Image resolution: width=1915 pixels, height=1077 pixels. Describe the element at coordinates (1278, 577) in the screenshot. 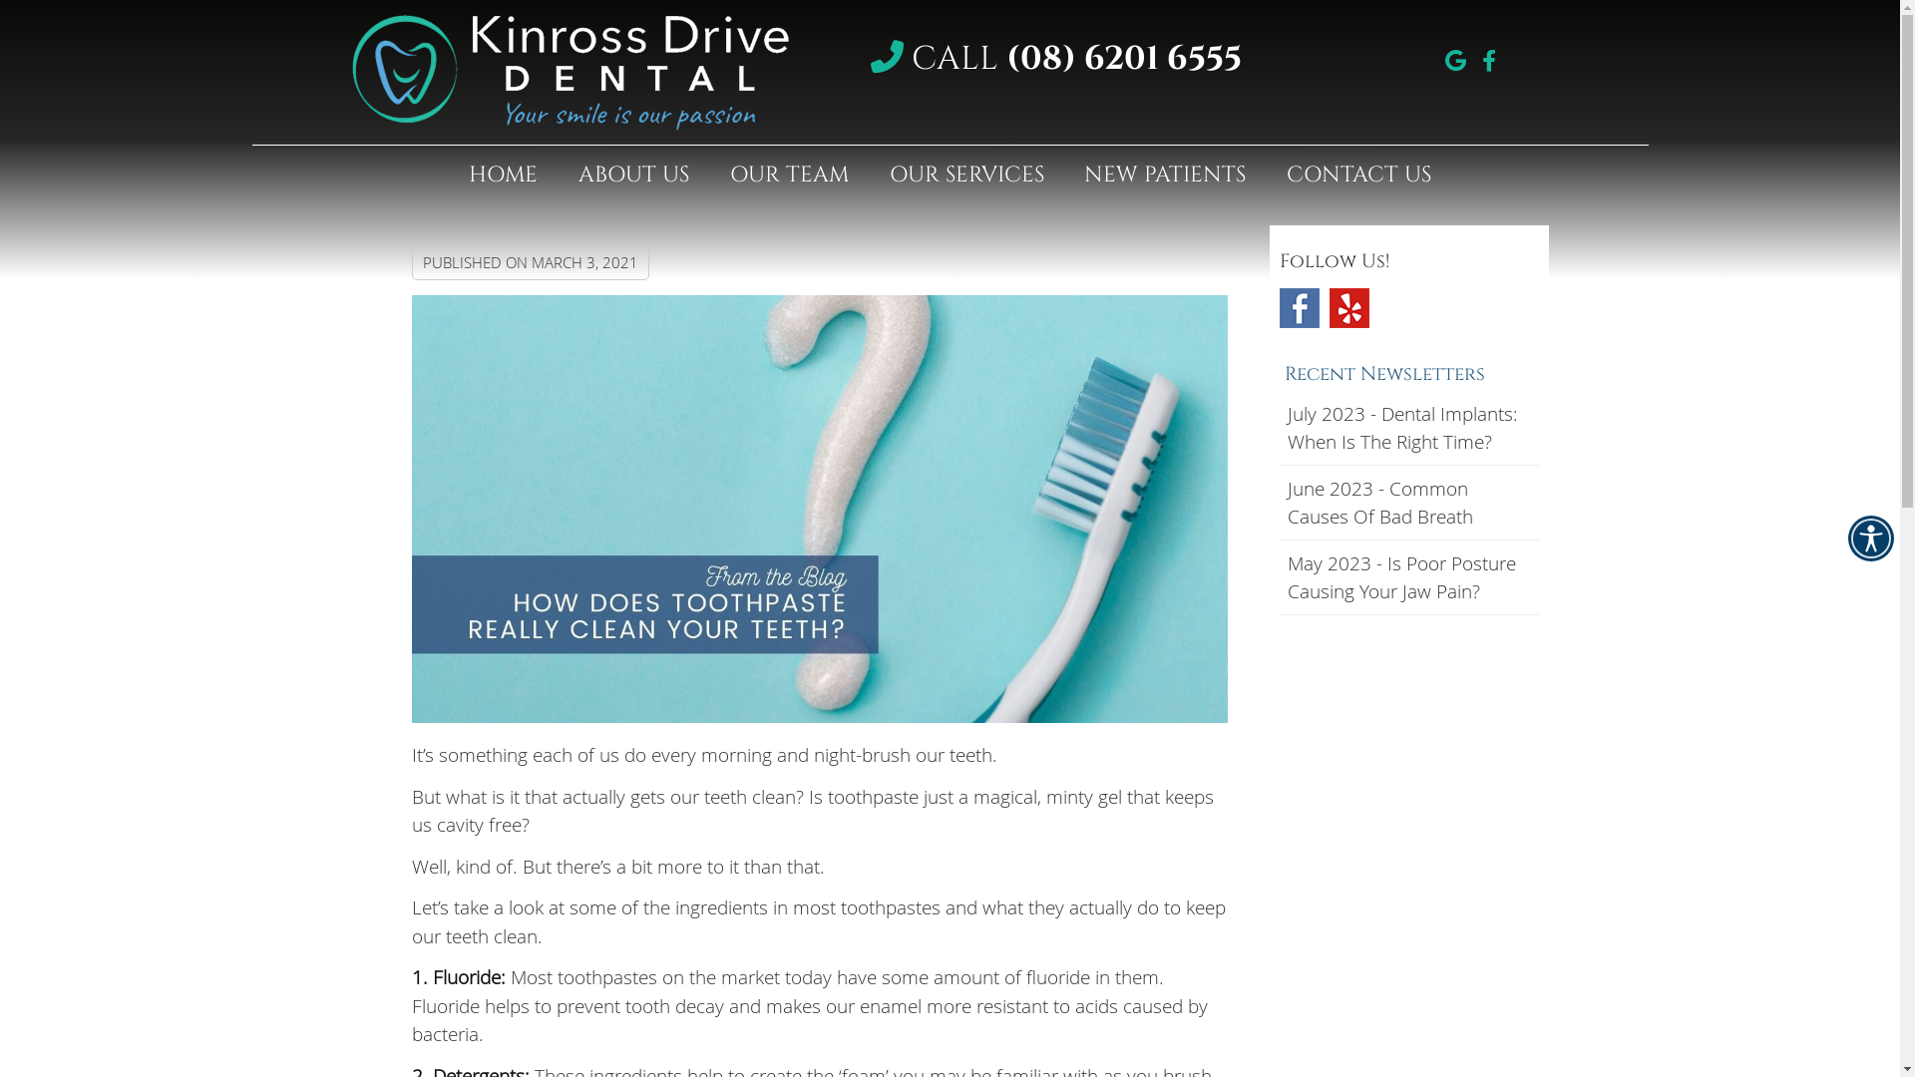

I see `'May 2023 - Is Poor Posture Causing Your Jaw Pain?'` at that location.